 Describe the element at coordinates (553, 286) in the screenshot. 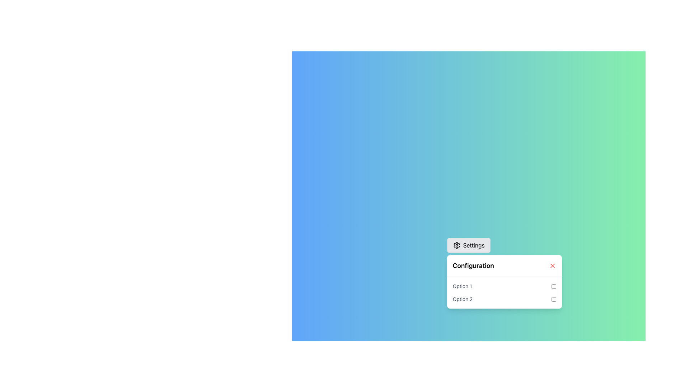

I see `the checkbox labeled 'Option 1' within the 'Configuration' panel` at that location.